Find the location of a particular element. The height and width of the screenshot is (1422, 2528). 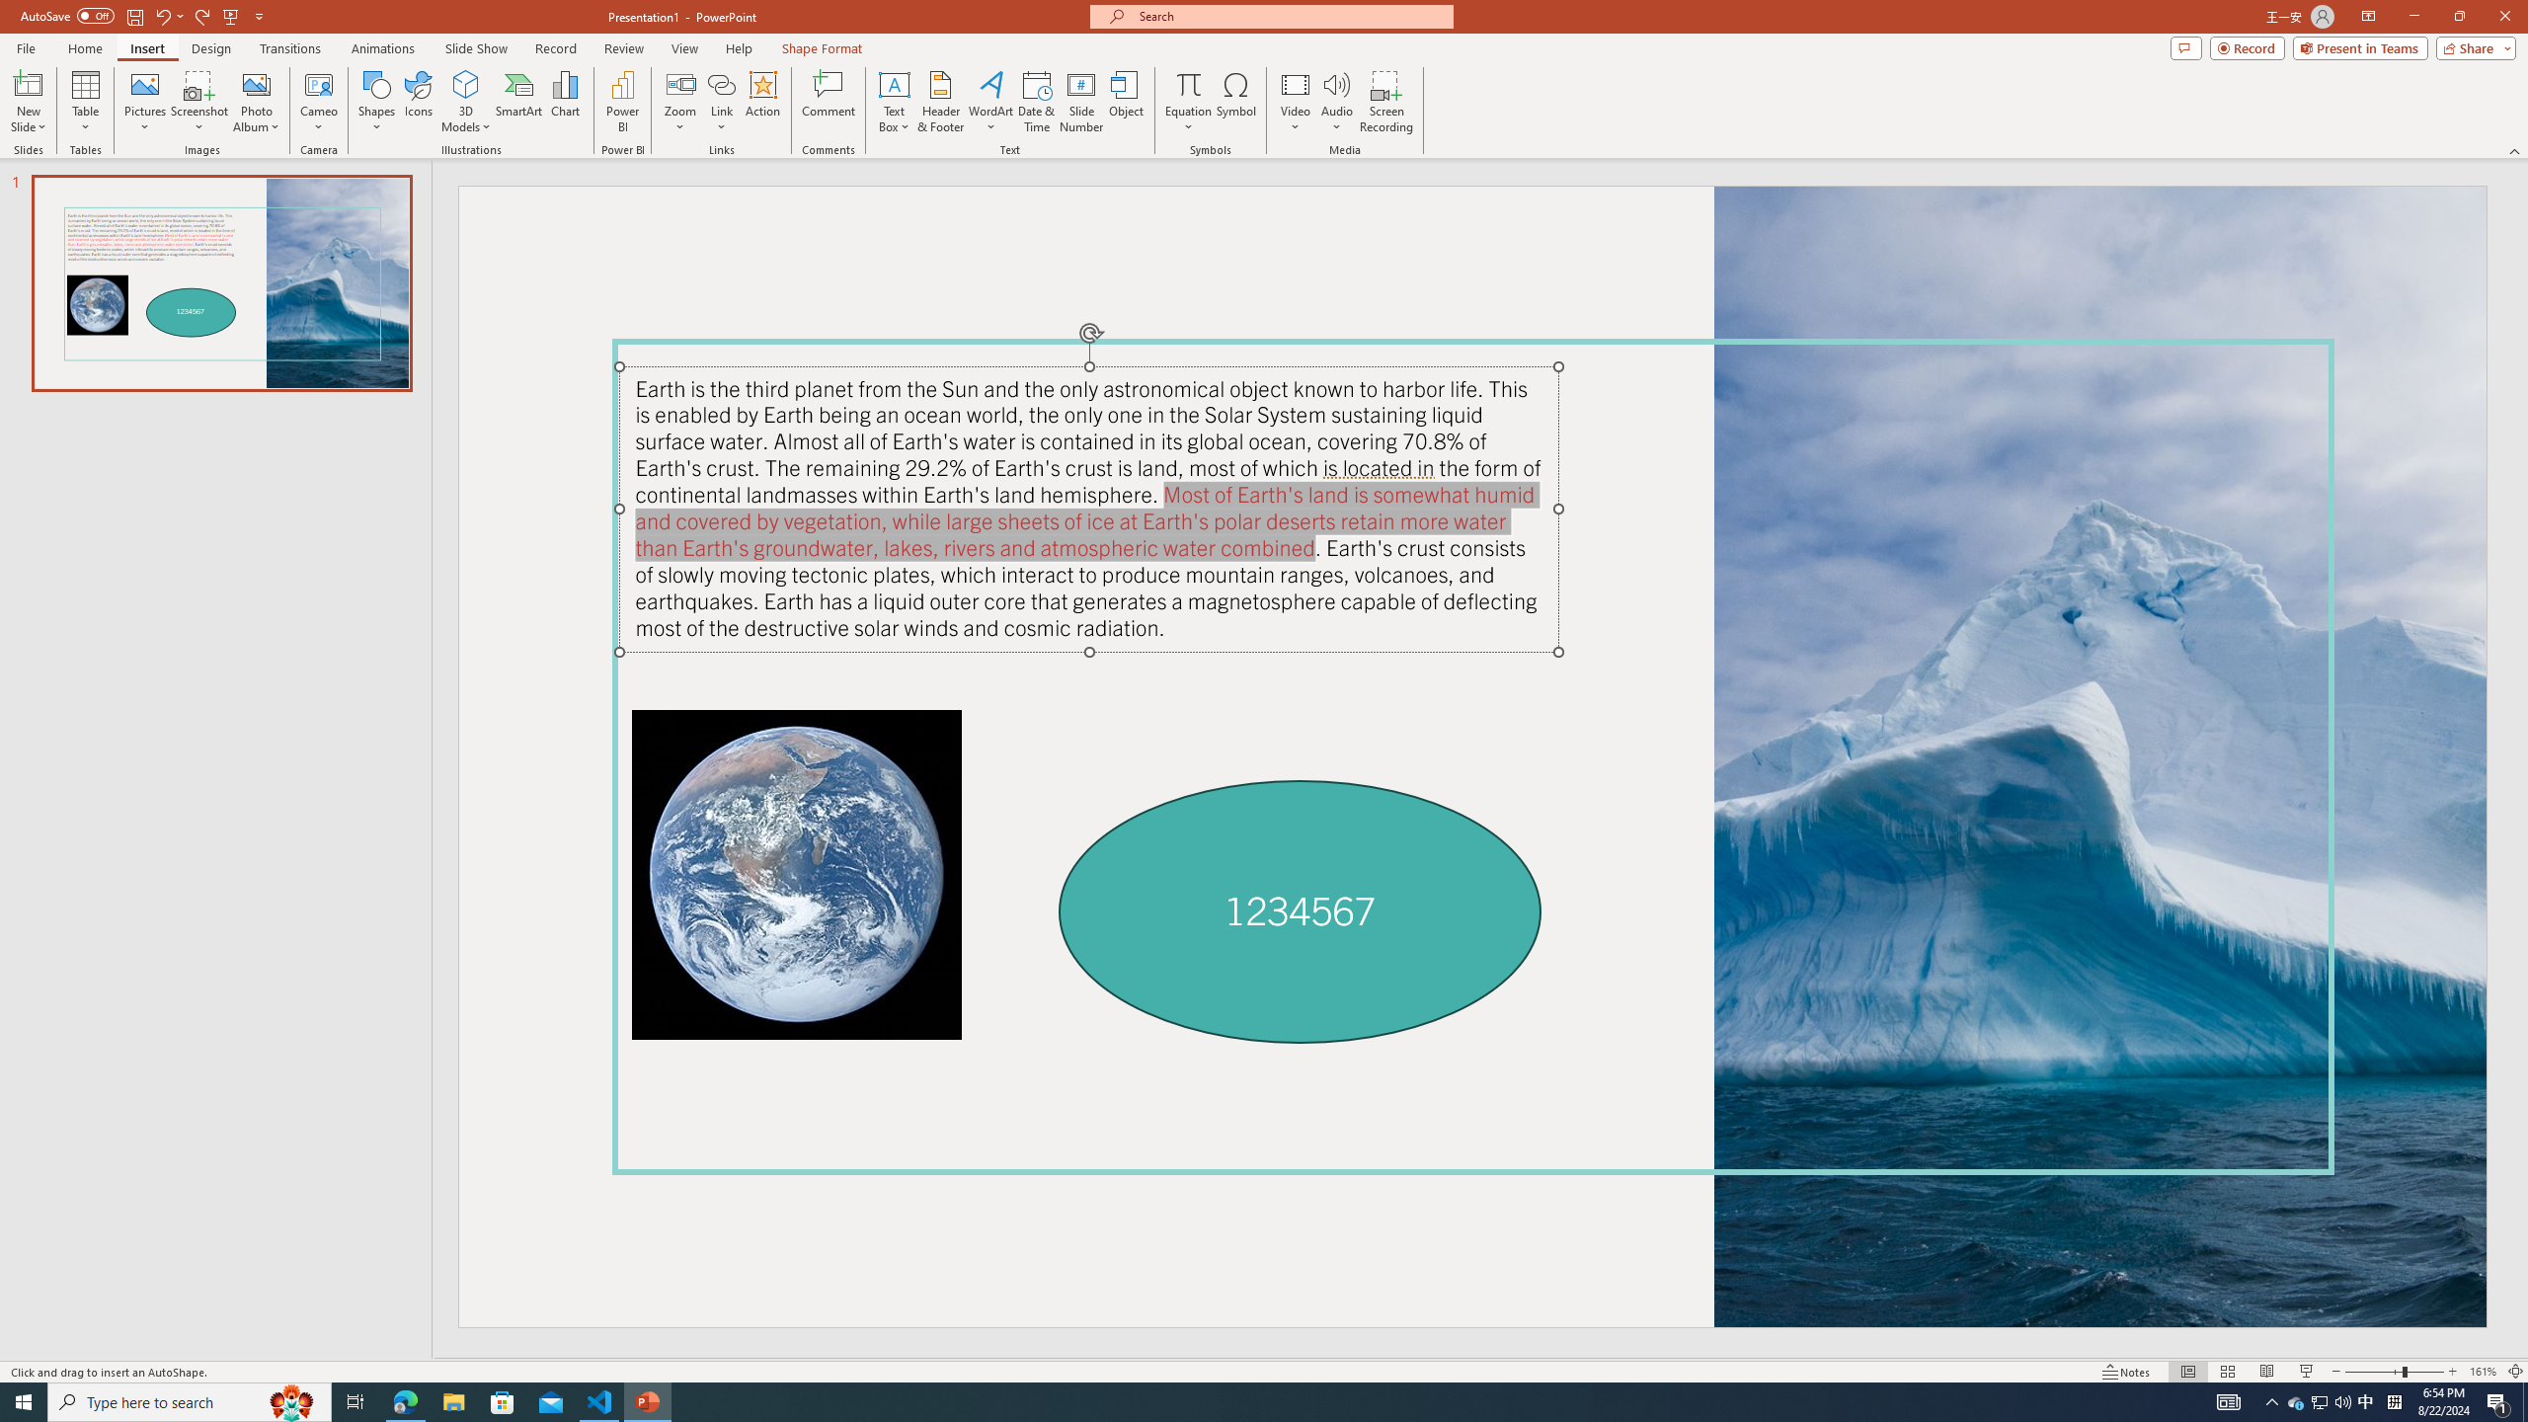

'Header & Footer...' is located at coordinates (939, 102).